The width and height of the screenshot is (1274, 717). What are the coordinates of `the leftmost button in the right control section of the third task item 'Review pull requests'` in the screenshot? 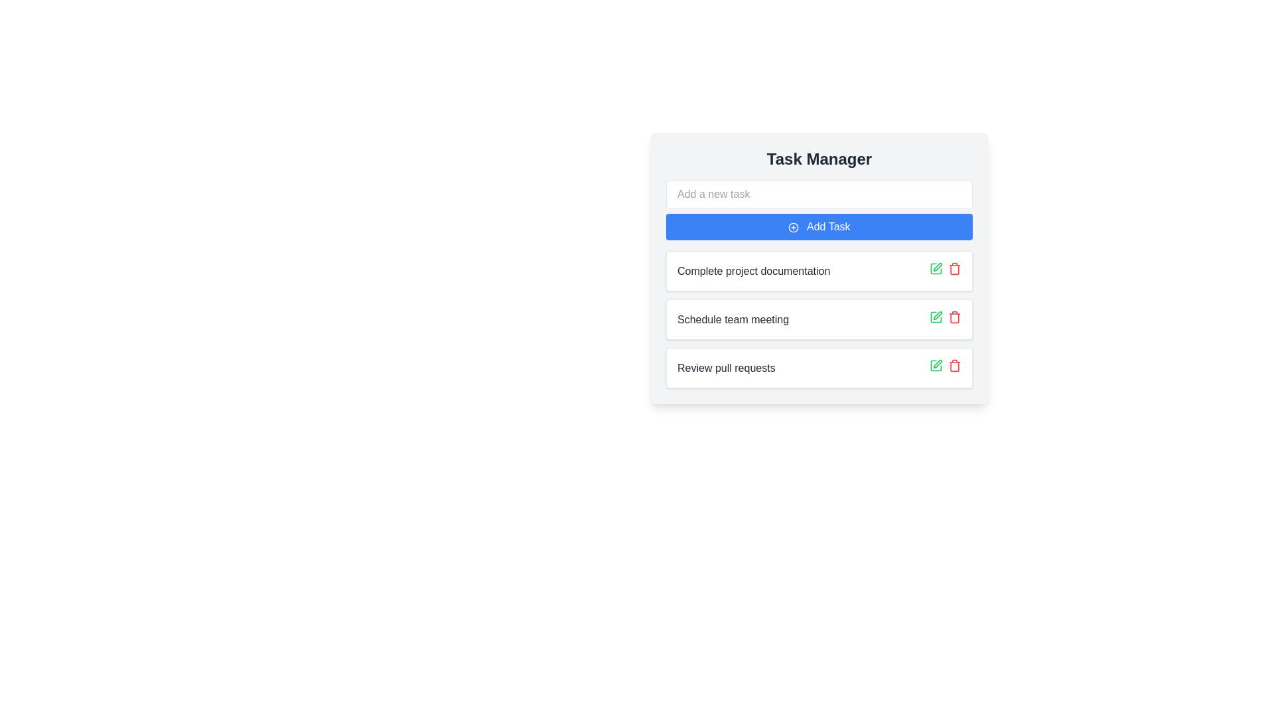 It's located at (936, 366).